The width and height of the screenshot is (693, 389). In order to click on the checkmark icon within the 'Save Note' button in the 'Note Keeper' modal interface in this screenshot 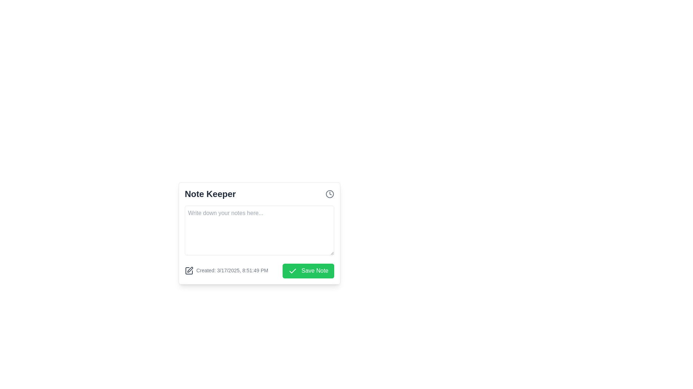, I will do `click(292, 271)`.